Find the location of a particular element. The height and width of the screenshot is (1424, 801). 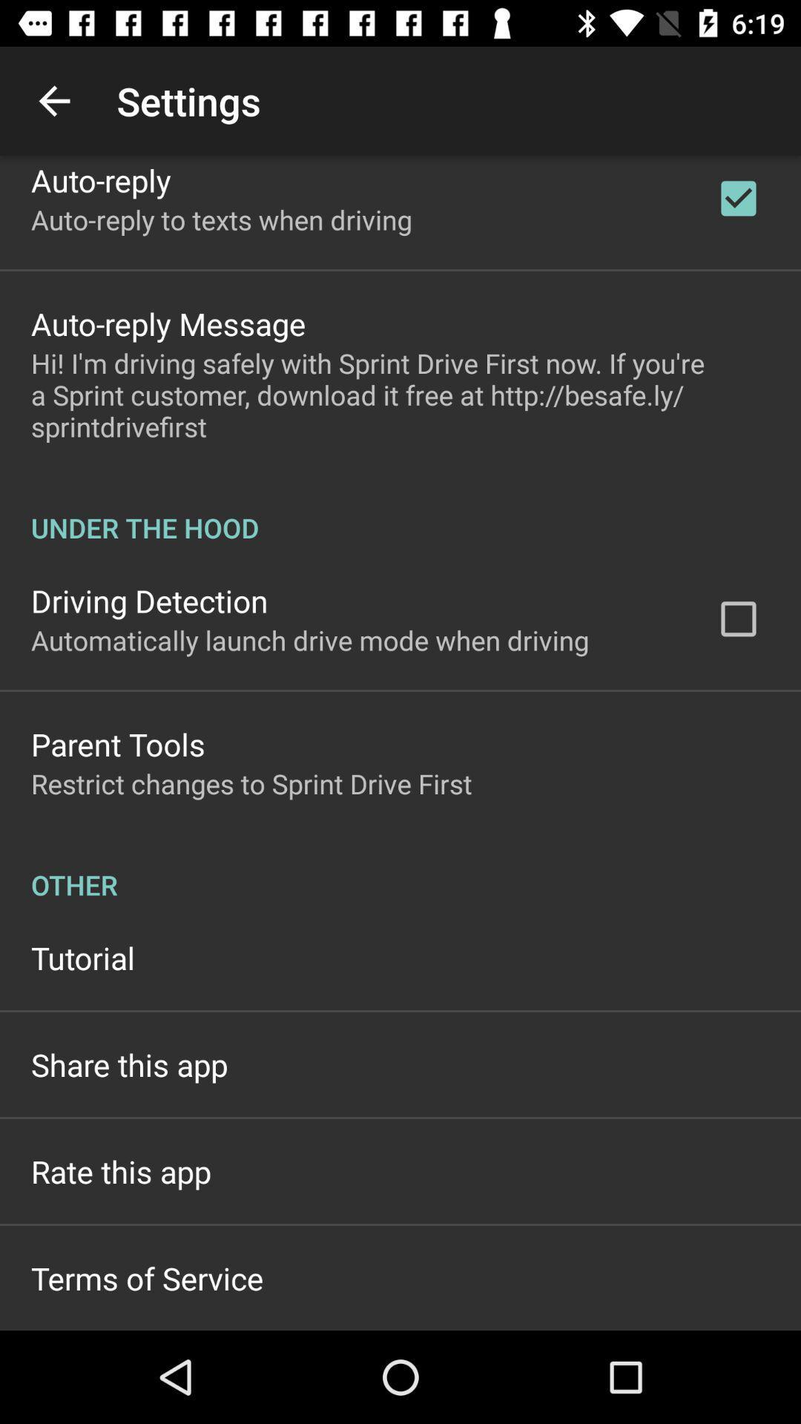

the item next to the settings app is located at coordinates (53, 100).